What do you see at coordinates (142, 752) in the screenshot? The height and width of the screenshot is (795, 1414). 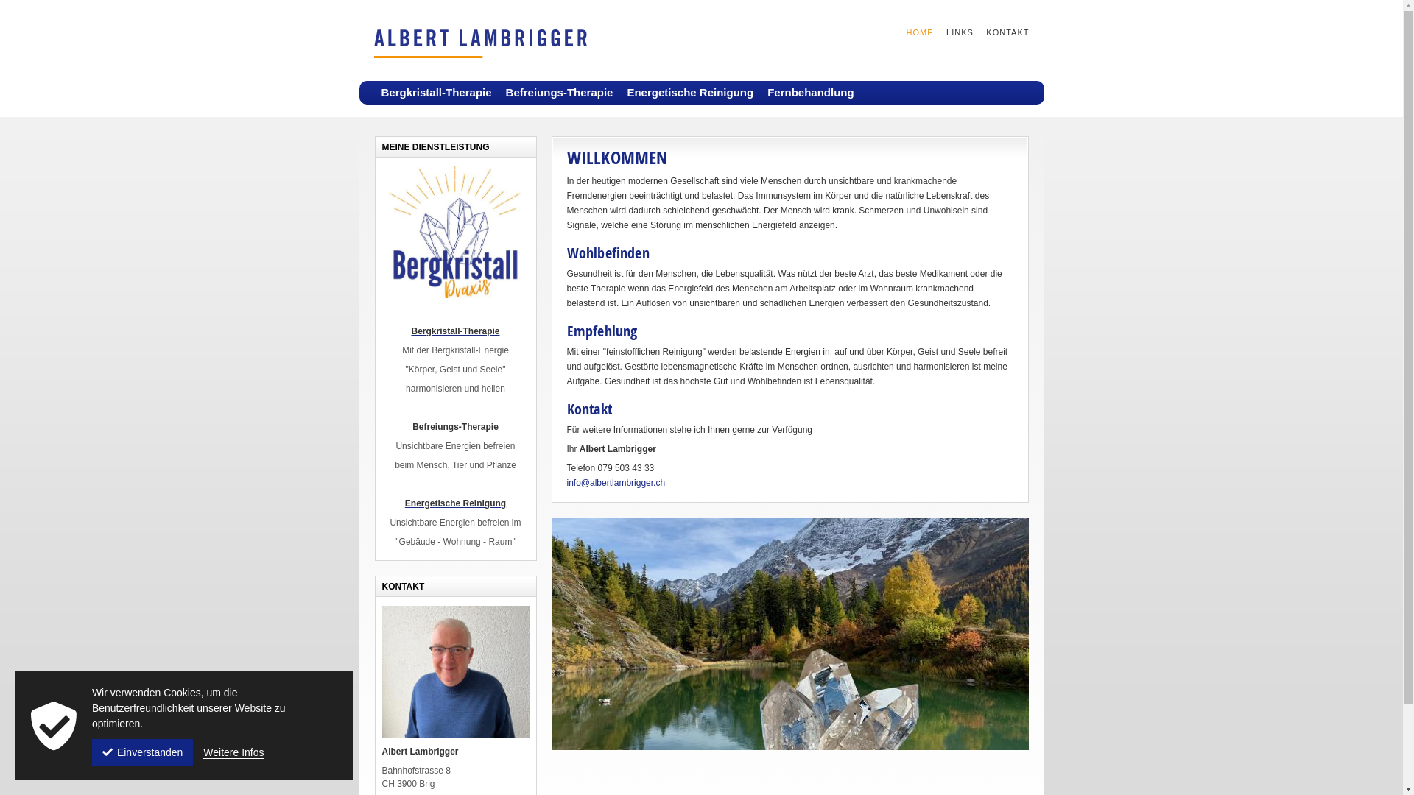 I see `'Einverstanden'` at bounding box center [142, 752].